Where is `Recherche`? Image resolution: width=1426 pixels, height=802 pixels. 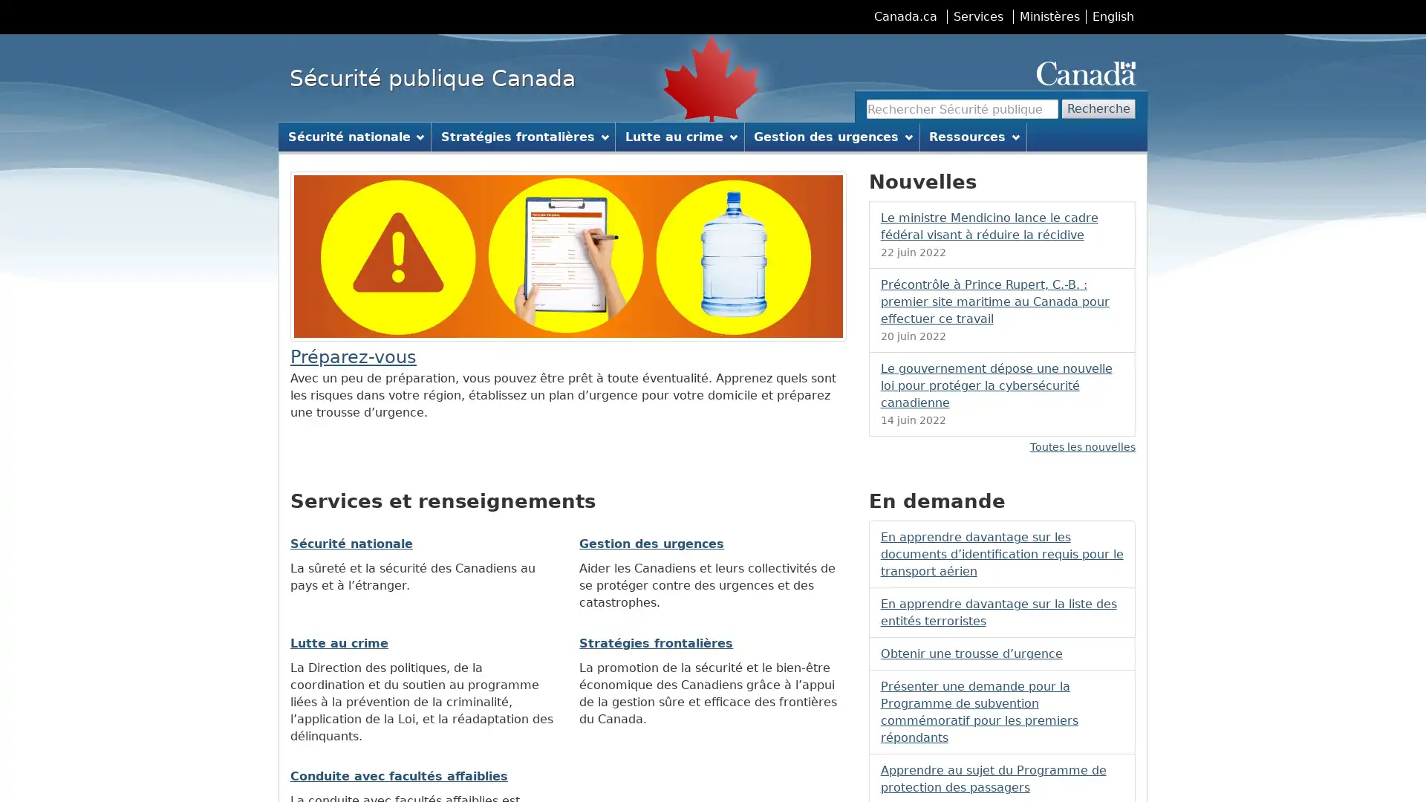 Recherche is located at coordinates (1098, 108).